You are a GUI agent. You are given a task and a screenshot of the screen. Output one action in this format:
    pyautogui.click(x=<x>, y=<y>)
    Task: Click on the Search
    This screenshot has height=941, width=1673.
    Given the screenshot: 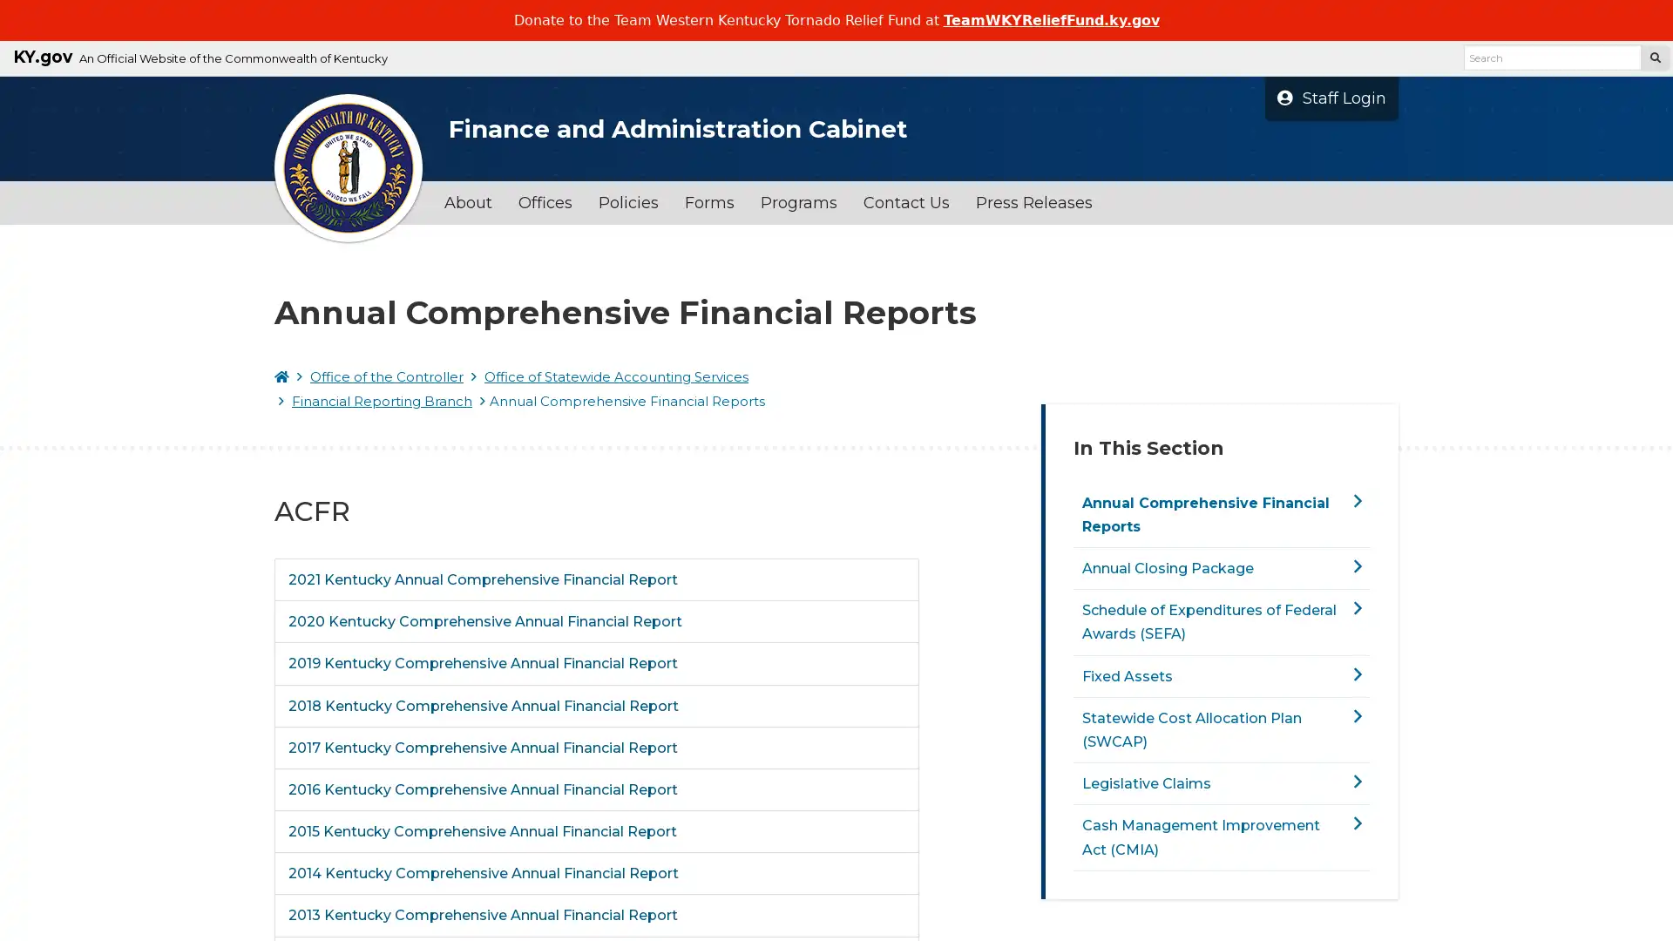 What is the action you would take?
    pyautogui.click(x=1654, y=57)
    